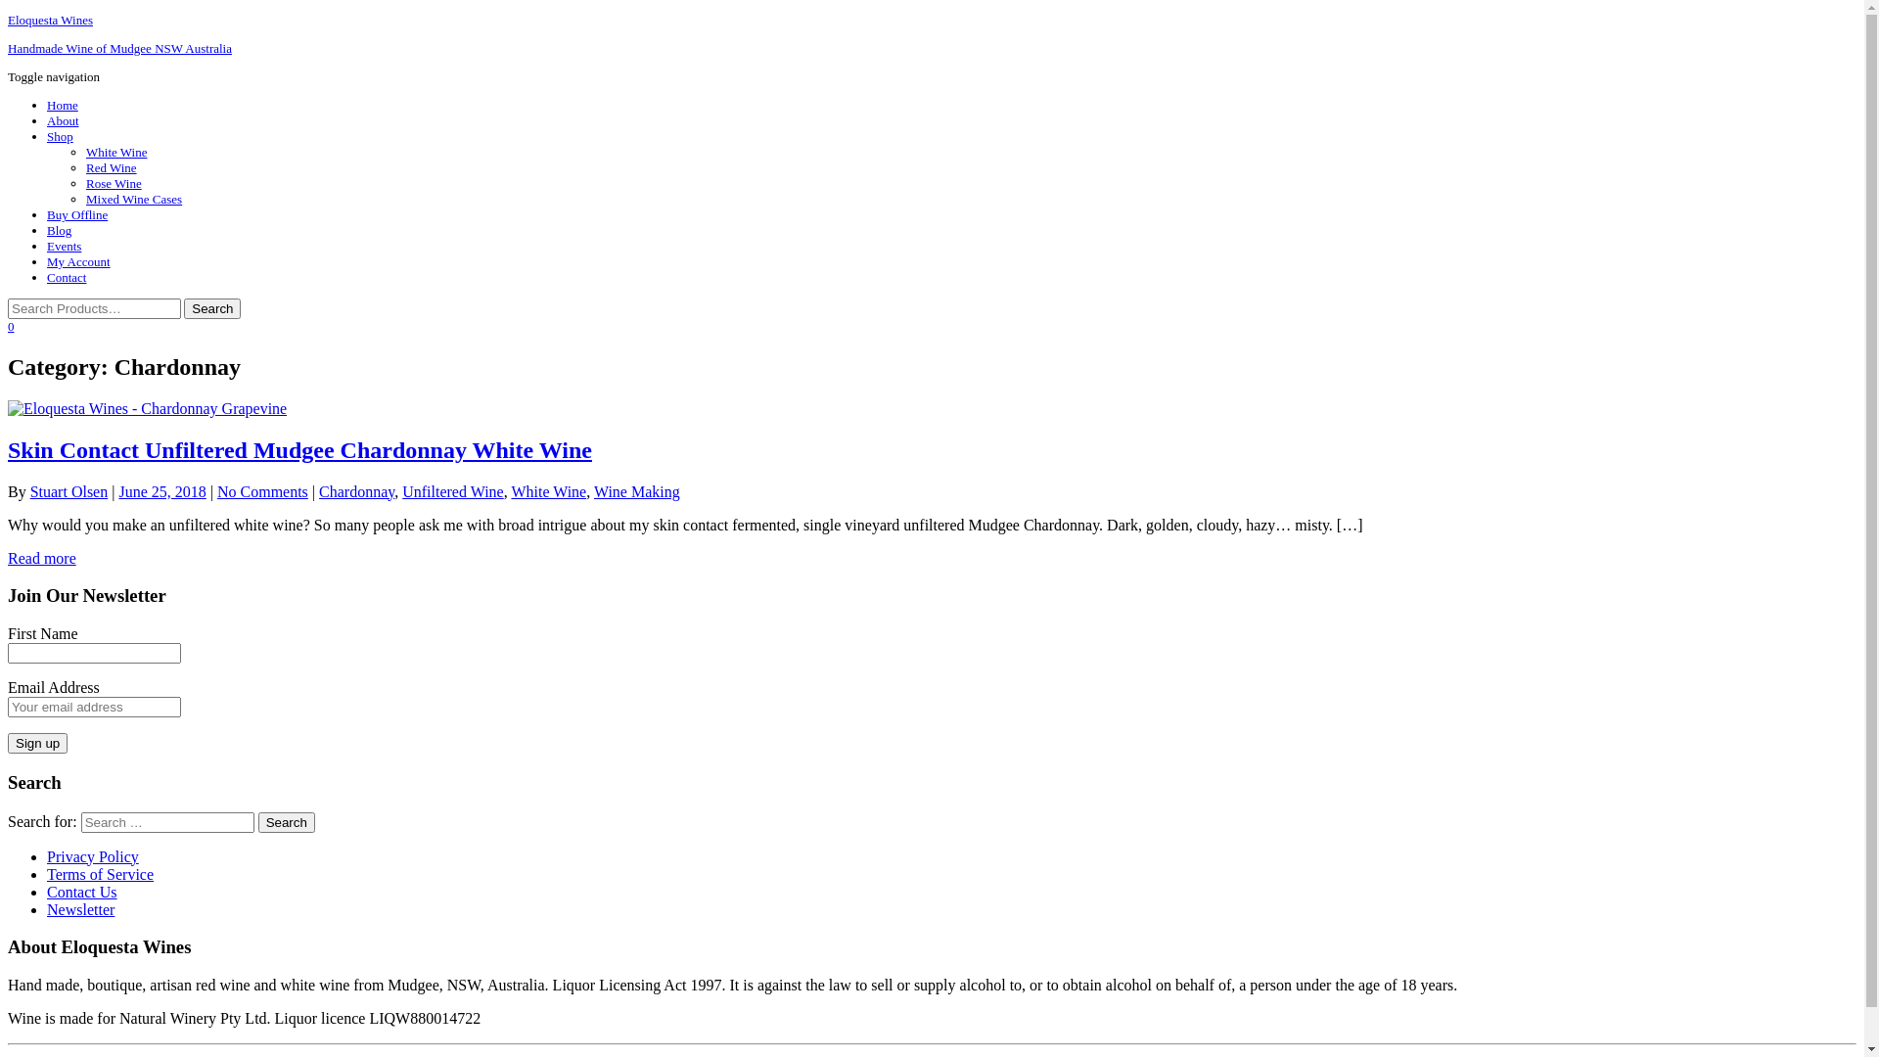 The image size is (1879, 1057). I want to click on 'Contact', so click(47, 277).